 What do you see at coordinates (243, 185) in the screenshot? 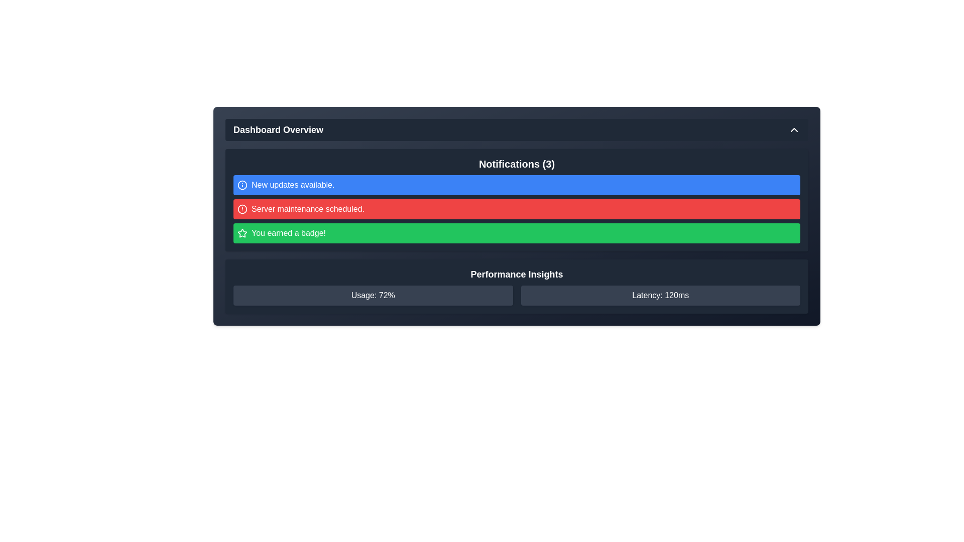
I see `the SVG icon located on the left side of the blue notification bar that indicates 'New updates available.'` at bounding box center [243, 185].